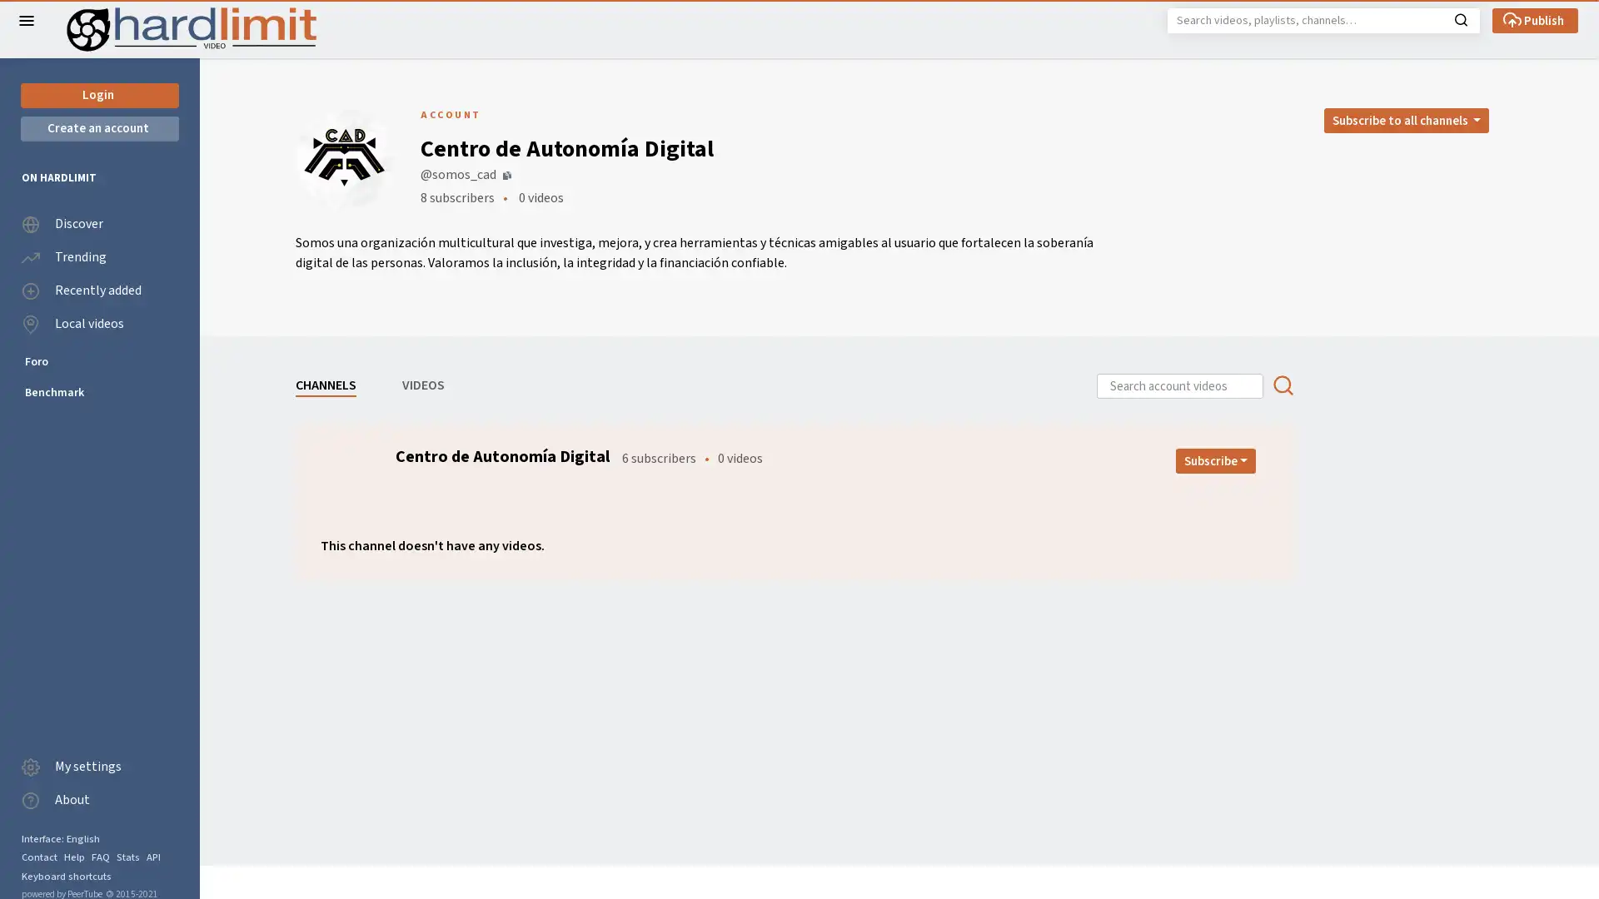 Image resolution: width=1599 pixels, height=899 pixels. Describe the element at coordinates (1215, 461) in the screenshot. I see `Open subscription dropdown` at that location.